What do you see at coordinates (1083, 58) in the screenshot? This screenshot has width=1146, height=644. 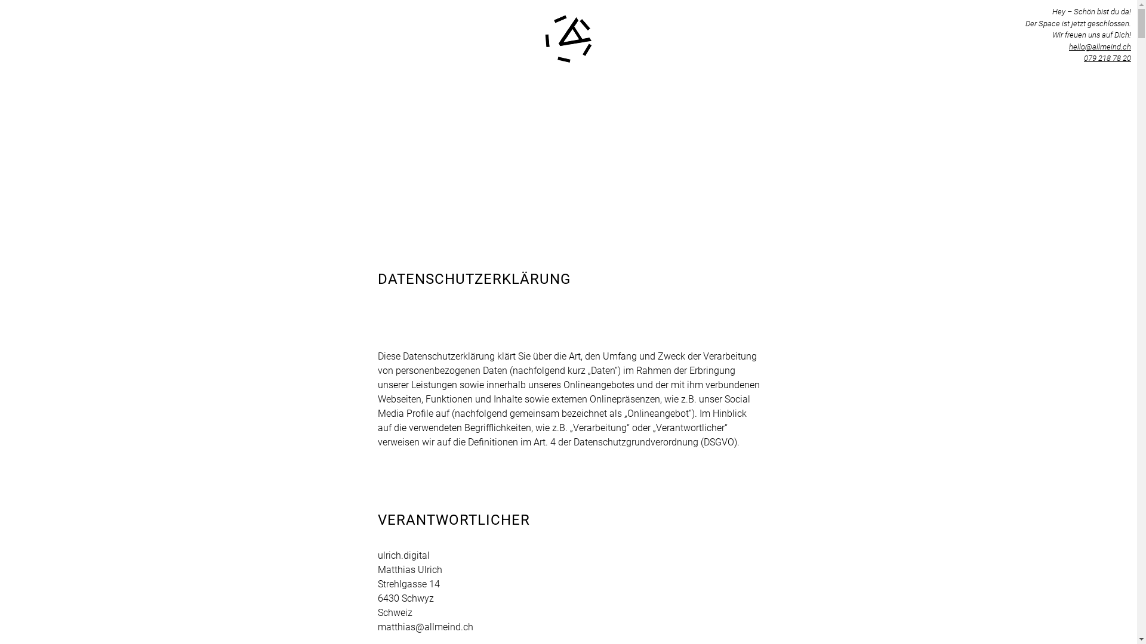 I see `'079 218 78 20'` at bounding box center [1083, 58].